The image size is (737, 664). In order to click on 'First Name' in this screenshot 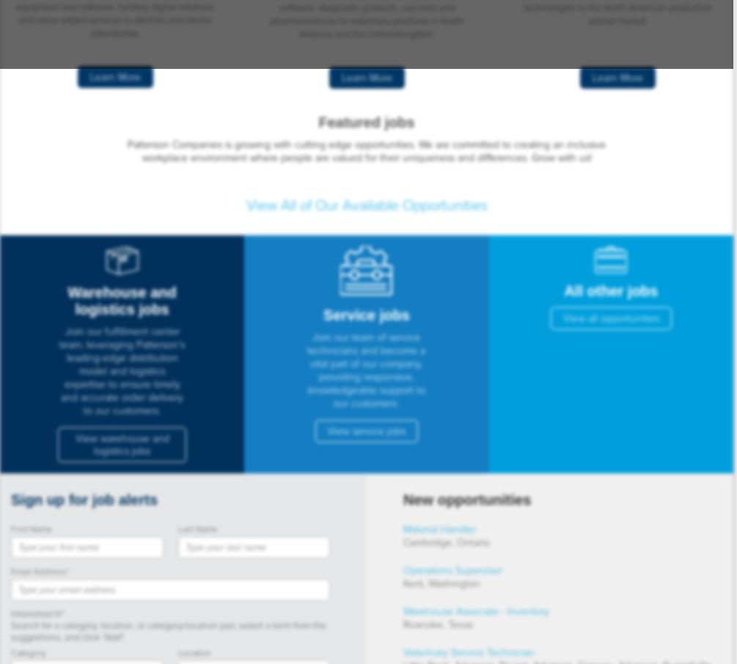, I will do `click(32, 529)`.